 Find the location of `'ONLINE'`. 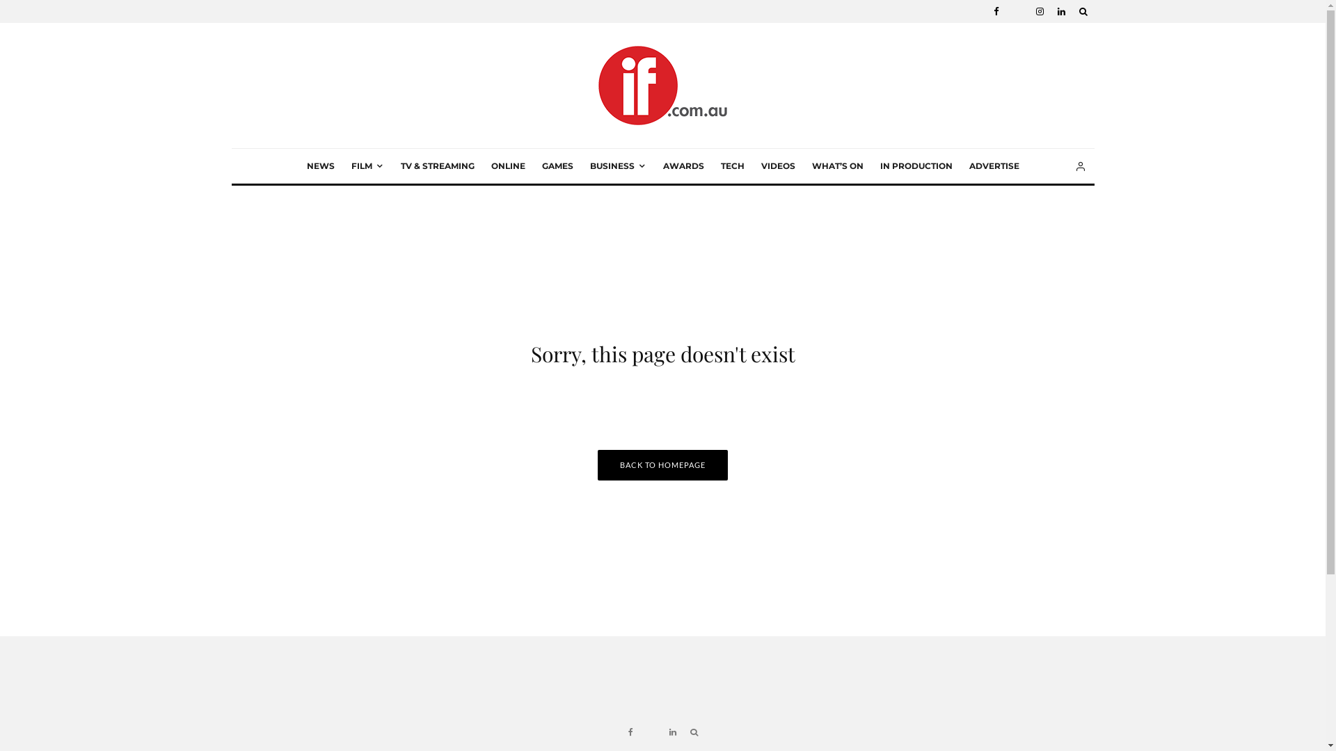

'ONLINE' is located at coordinates (483, 165).